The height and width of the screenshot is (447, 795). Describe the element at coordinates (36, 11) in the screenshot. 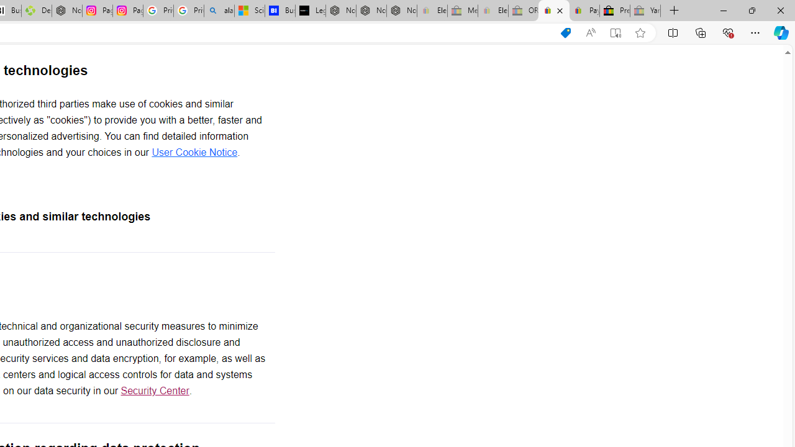

I see `'Descarga Driver Updater'` at that location.